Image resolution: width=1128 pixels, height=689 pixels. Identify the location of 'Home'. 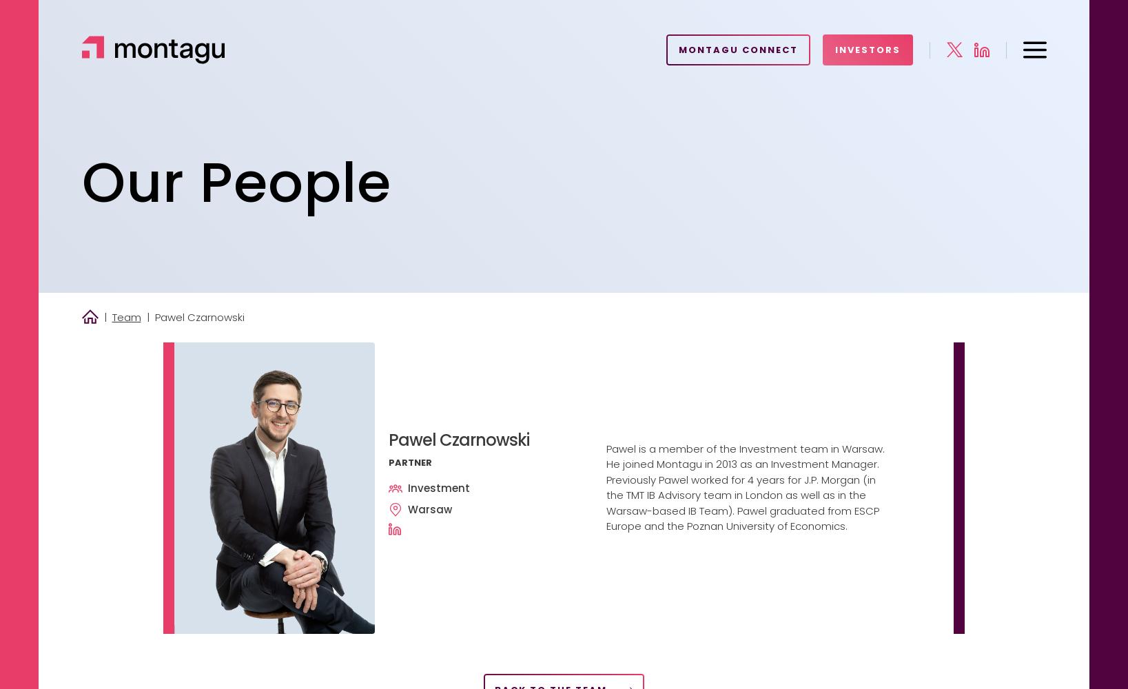
(44, 43).